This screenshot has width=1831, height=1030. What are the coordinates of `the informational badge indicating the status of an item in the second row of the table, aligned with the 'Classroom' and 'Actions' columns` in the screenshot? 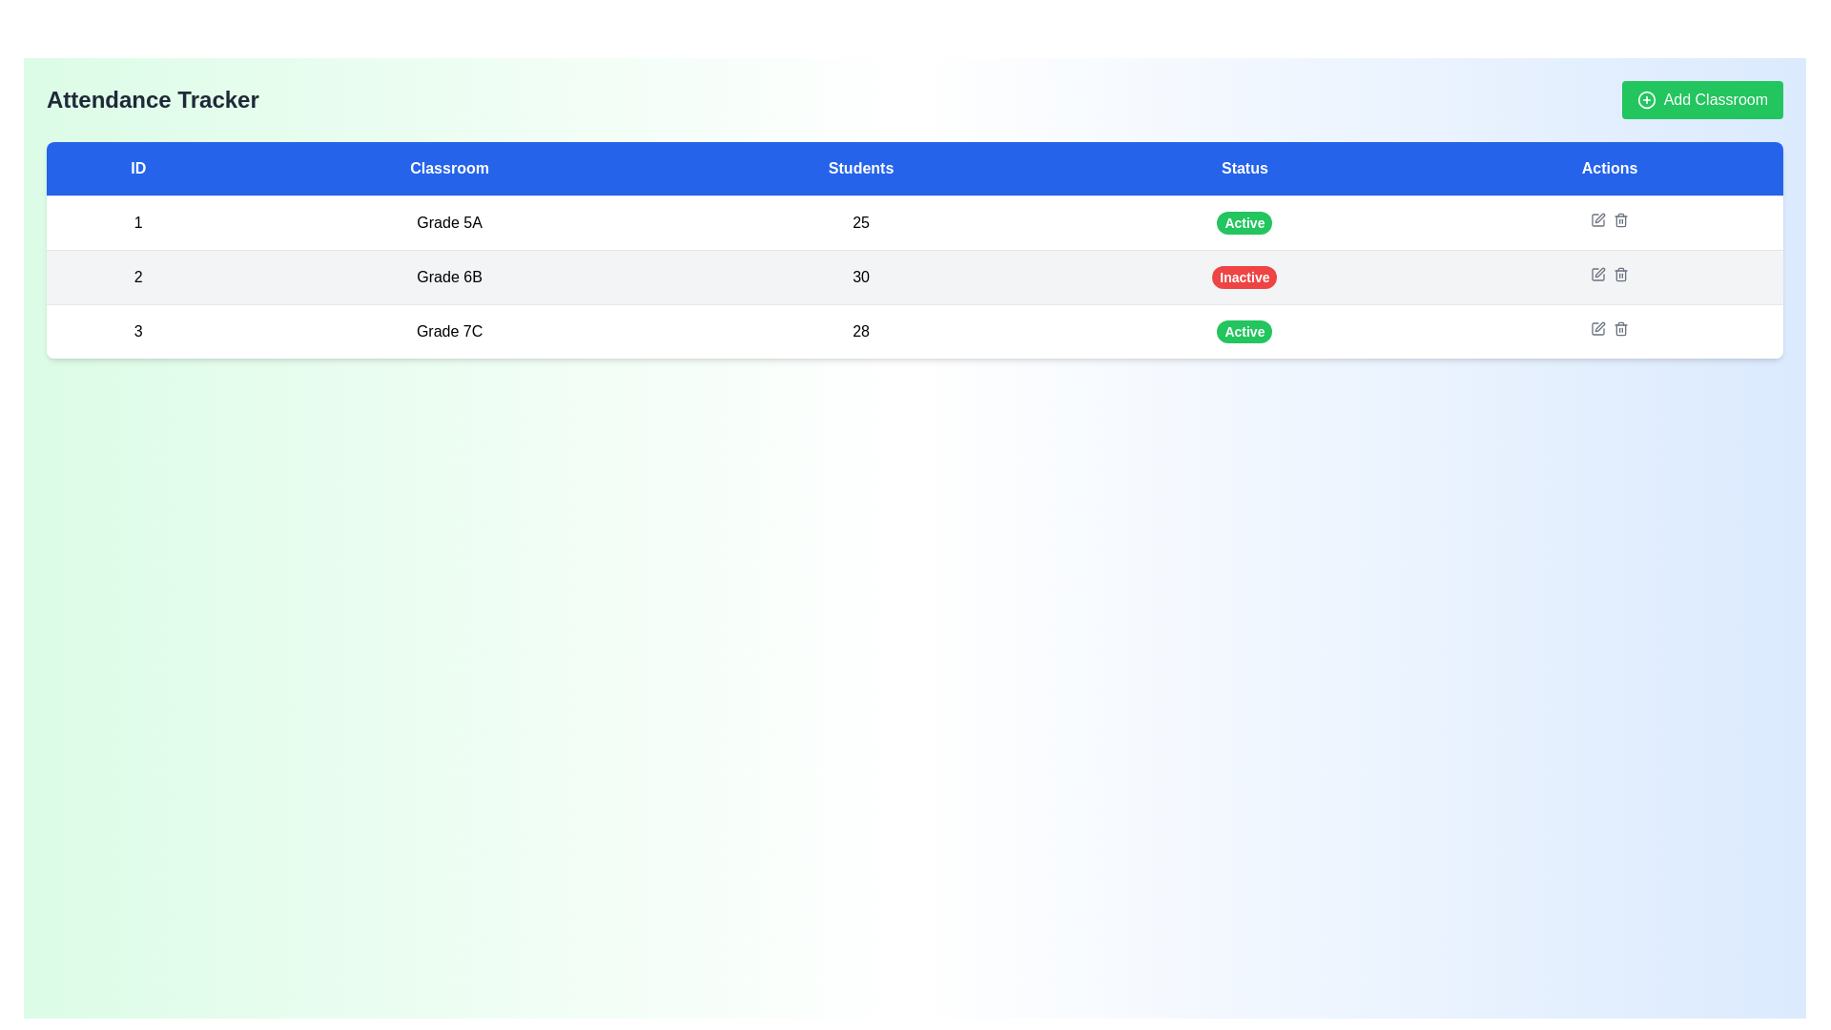 It's located at (1245, 277).